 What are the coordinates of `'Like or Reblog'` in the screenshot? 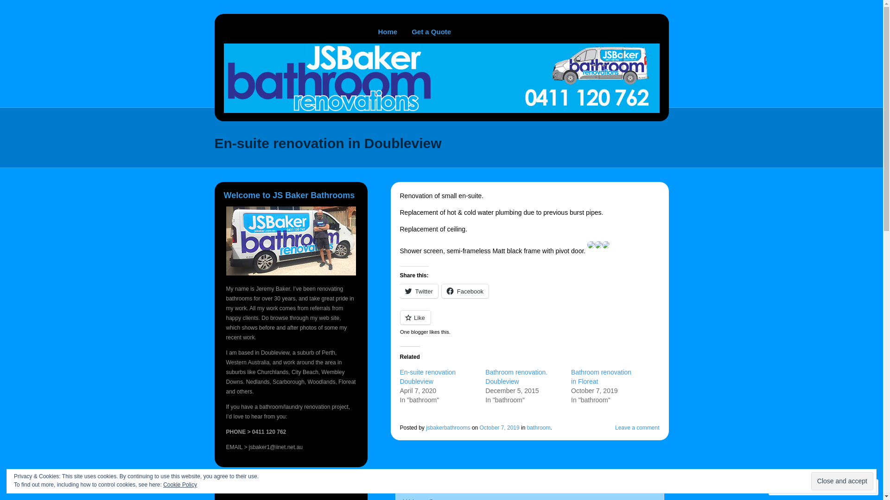 It's located at (529, 322).